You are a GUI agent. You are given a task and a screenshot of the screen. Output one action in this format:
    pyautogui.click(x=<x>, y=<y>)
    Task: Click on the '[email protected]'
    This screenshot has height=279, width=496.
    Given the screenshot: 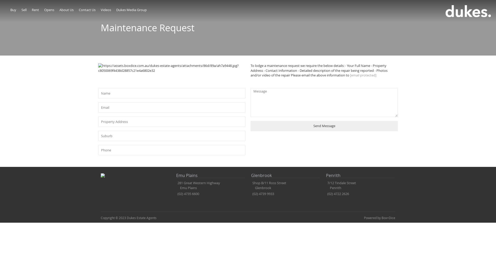 What is the action you would take?
    pyautogui.click(x=363, y=75)
    